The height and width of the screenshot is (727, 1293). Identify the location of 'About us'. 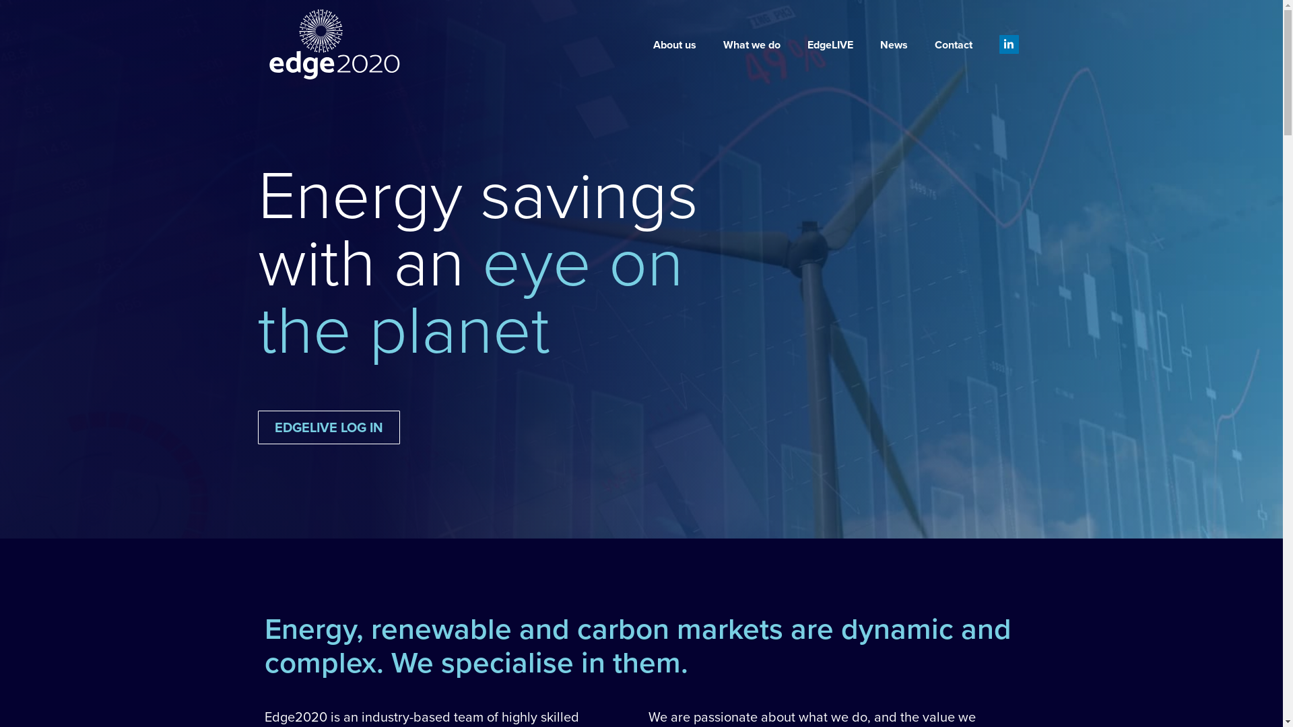
(639, 44).